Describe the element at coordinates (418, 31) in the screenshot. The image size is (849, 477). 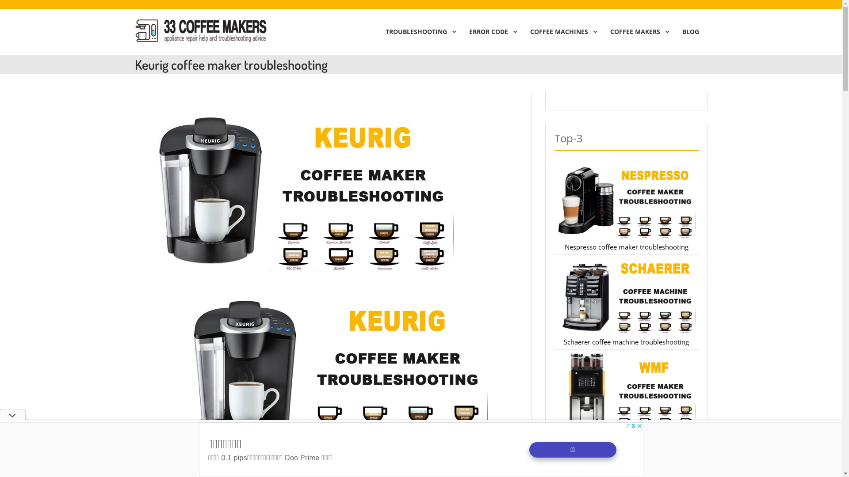
I see `'TROUBLESHOOTING'` at that location.